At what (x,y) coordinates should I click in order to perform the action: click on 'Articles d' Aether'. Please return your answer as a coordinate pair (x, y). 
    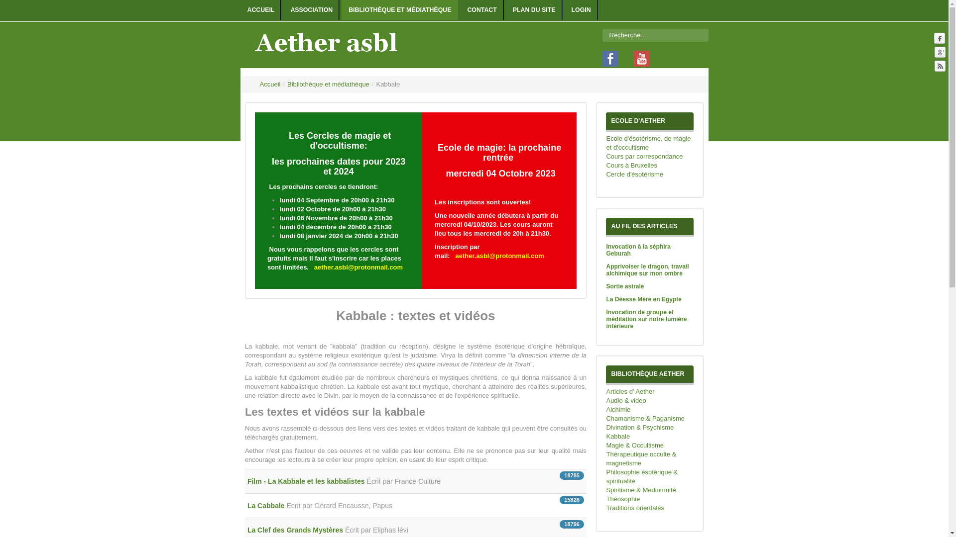
    Looking at the image, I should click on (650, 391).